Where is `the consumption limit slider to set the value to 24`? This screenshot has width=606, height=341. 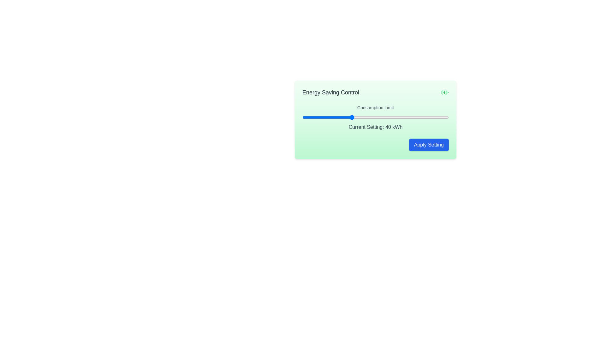 the consumption limit slider to set the value to 24 is located at coordinates (312, 117).